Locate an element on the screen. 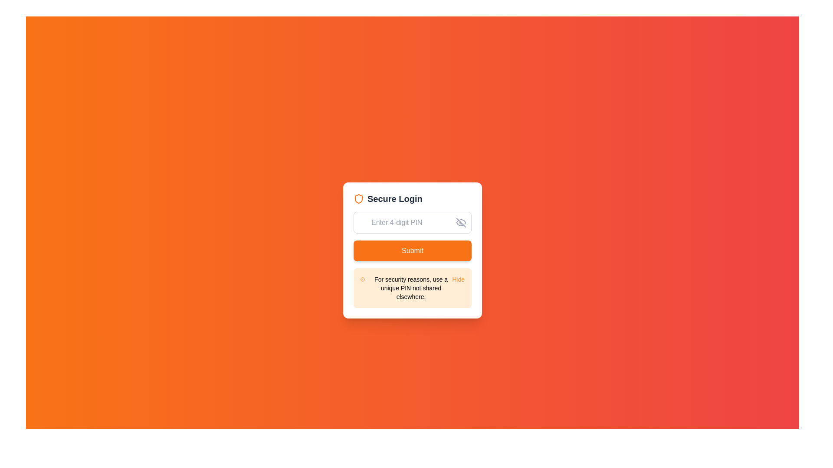 The image size is (833, 468). the text label stating 'For security reasons, use a unique PIN not shared elsewhere' within the pale orange notification box is located at coordinates (410, 288).